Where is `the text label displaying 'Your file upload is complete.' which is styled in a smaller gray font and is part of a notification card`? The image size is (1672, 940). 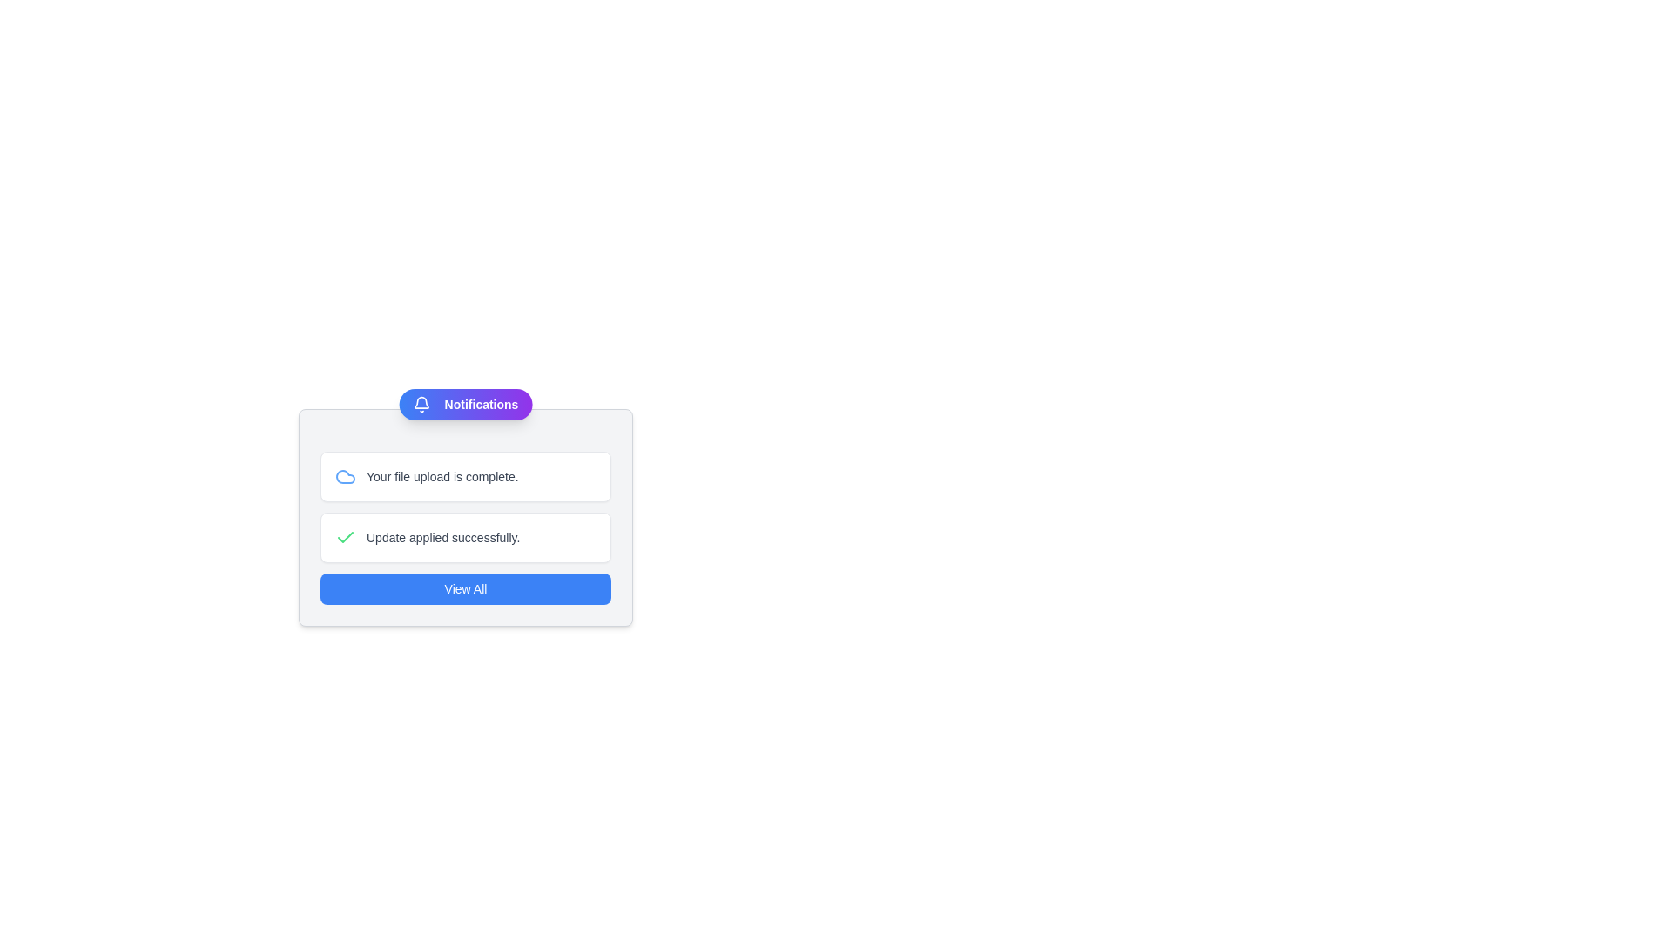
the text label displaying 'Your file upload is complete.' which is styled in a smaller gray font and is part of a notification card is located at coordinates (442, 476).